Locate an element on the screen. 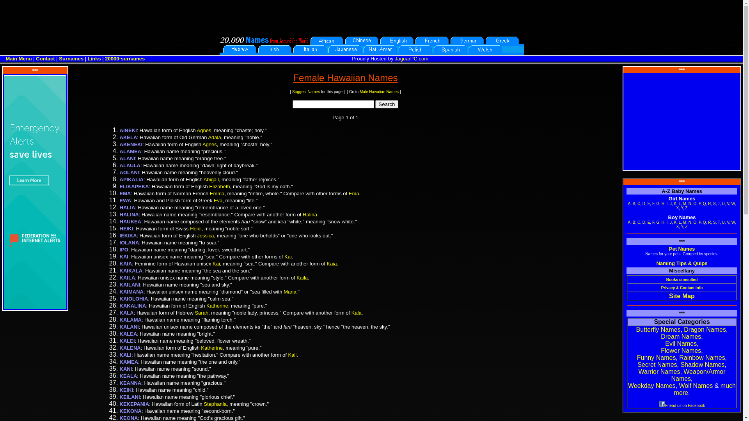 This screenshot has height=421, width=749. 'H' is located at coordinates (662, 203).